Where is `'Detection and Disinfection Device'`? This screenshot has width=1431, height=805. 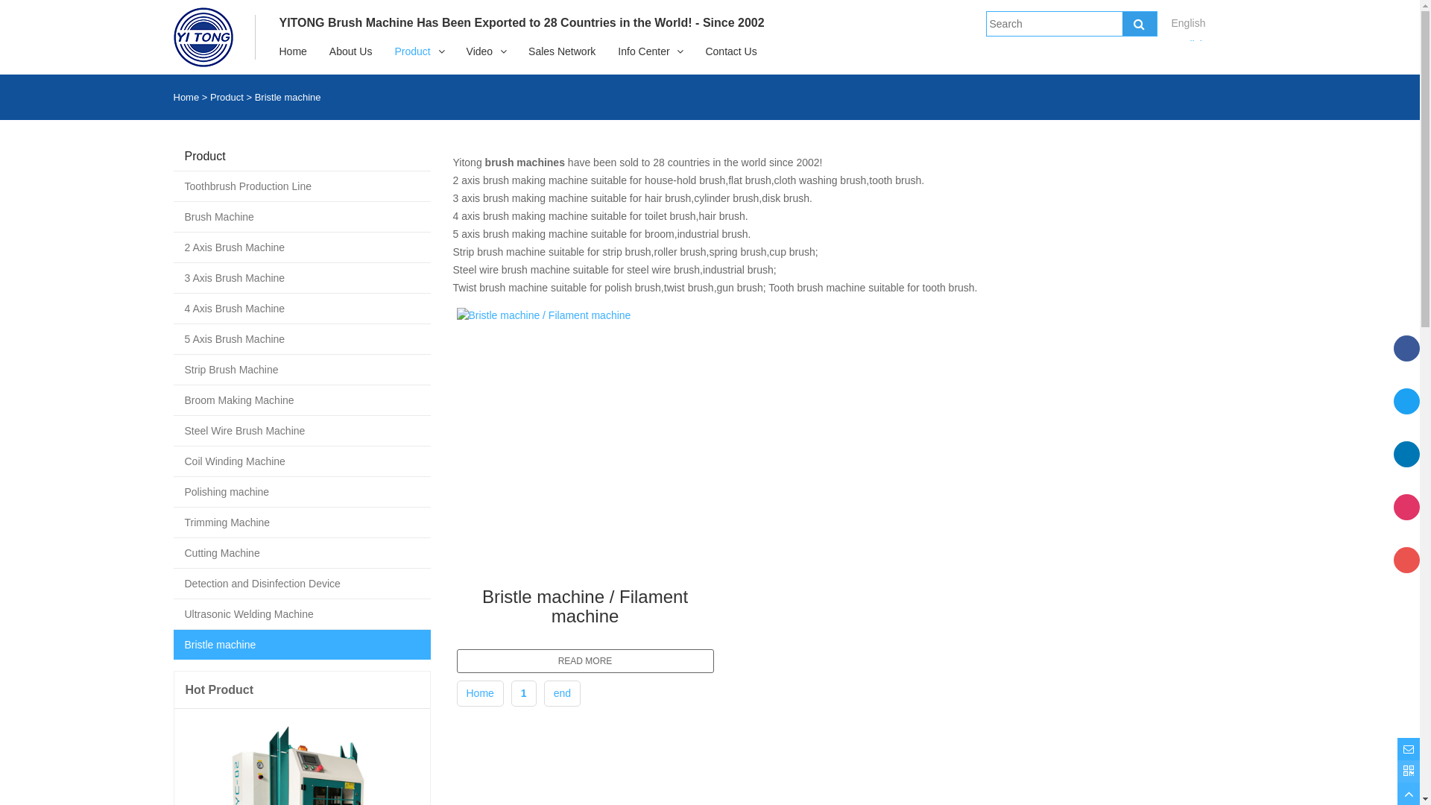 'Detection and Disinfection Device' is located at coordinates (300, 583).